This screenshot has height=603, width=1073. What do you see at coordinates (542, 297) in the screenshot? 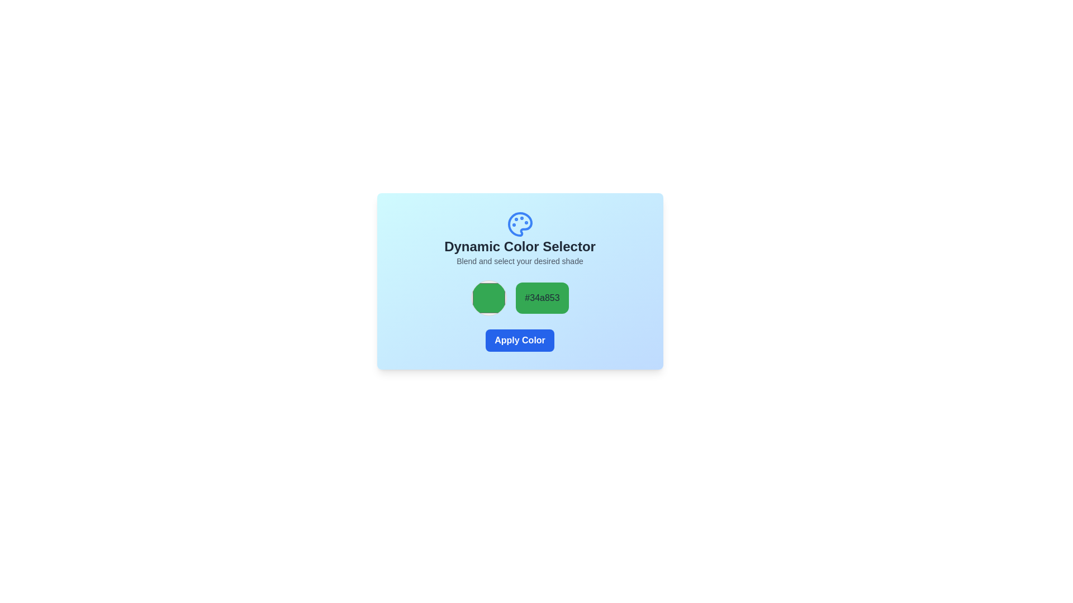
I see `the green rectangular Label or Display Element with rounded corners, which contains the black text '#34a853', located to the right of a circular color selector and centered within the highlighted interface section` at bounding box center [542, 297].